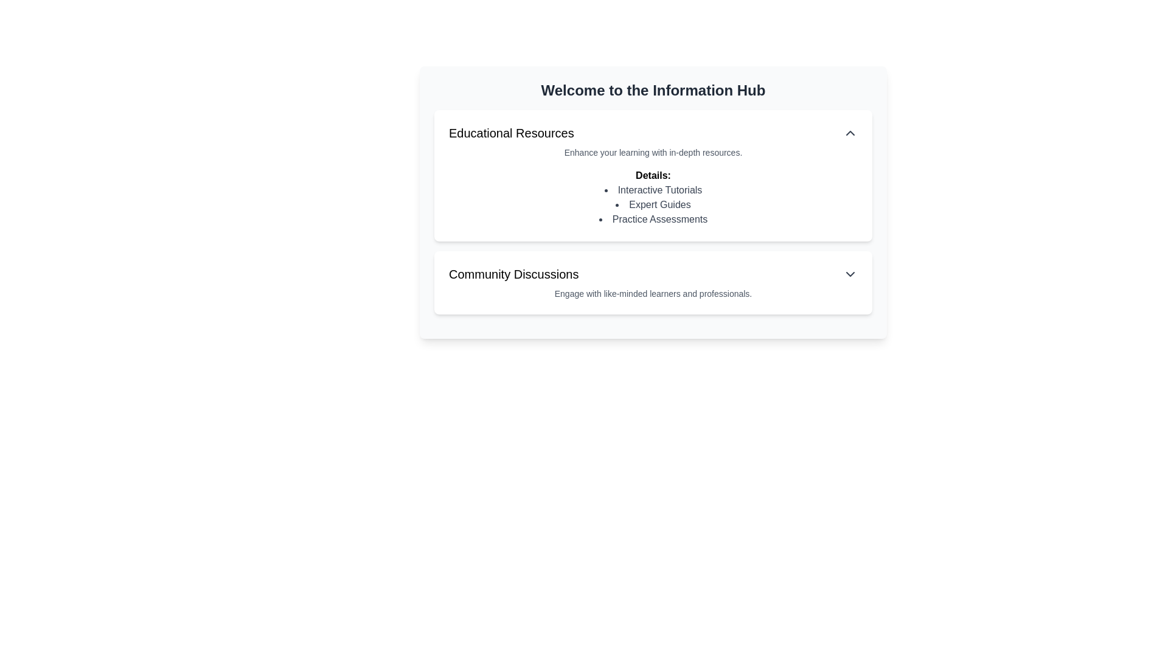  I want to click on the text label displaying 'Practice Assessments' in the bulleted list under 'Details' in the 'Educational Resources' section, so click(653, 220).